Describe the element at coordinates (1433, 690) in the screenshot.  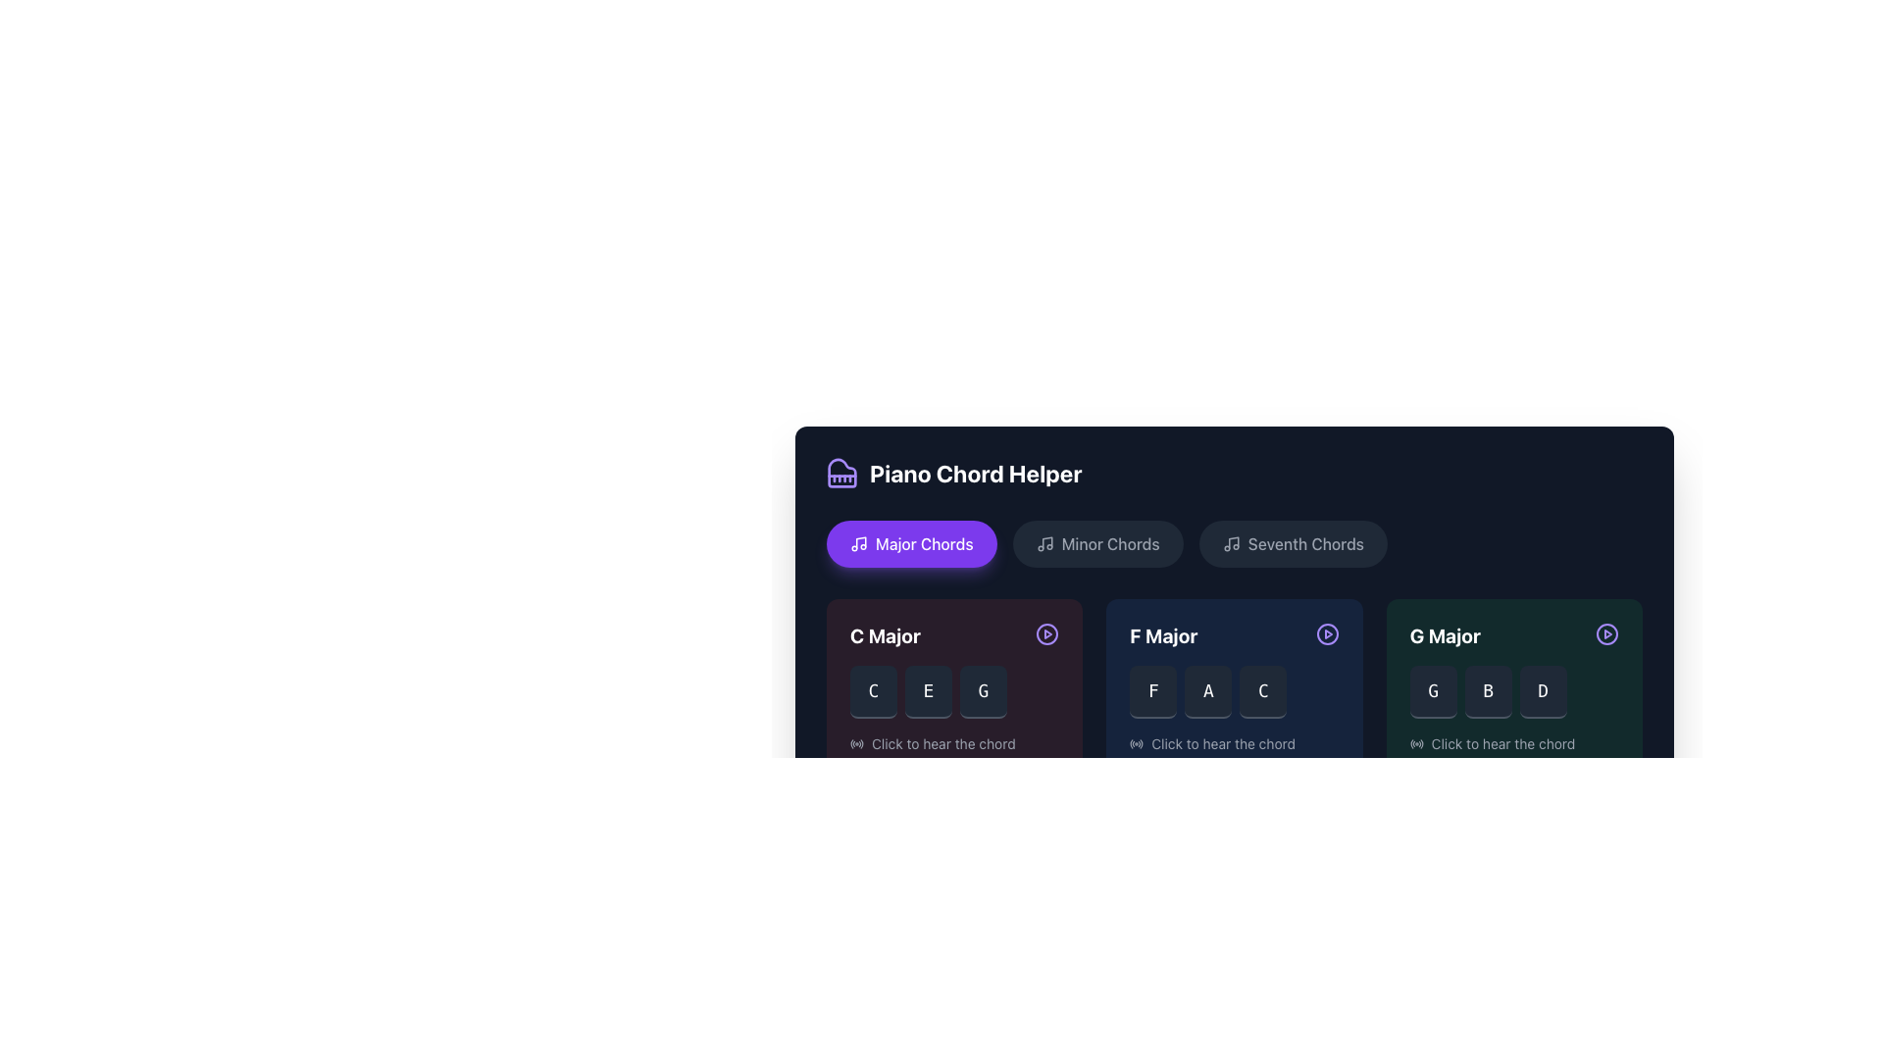
I see `the square-shaped button with rounded corners labeled 'G' in the G Major section to play a note or trigger an action` at that location.